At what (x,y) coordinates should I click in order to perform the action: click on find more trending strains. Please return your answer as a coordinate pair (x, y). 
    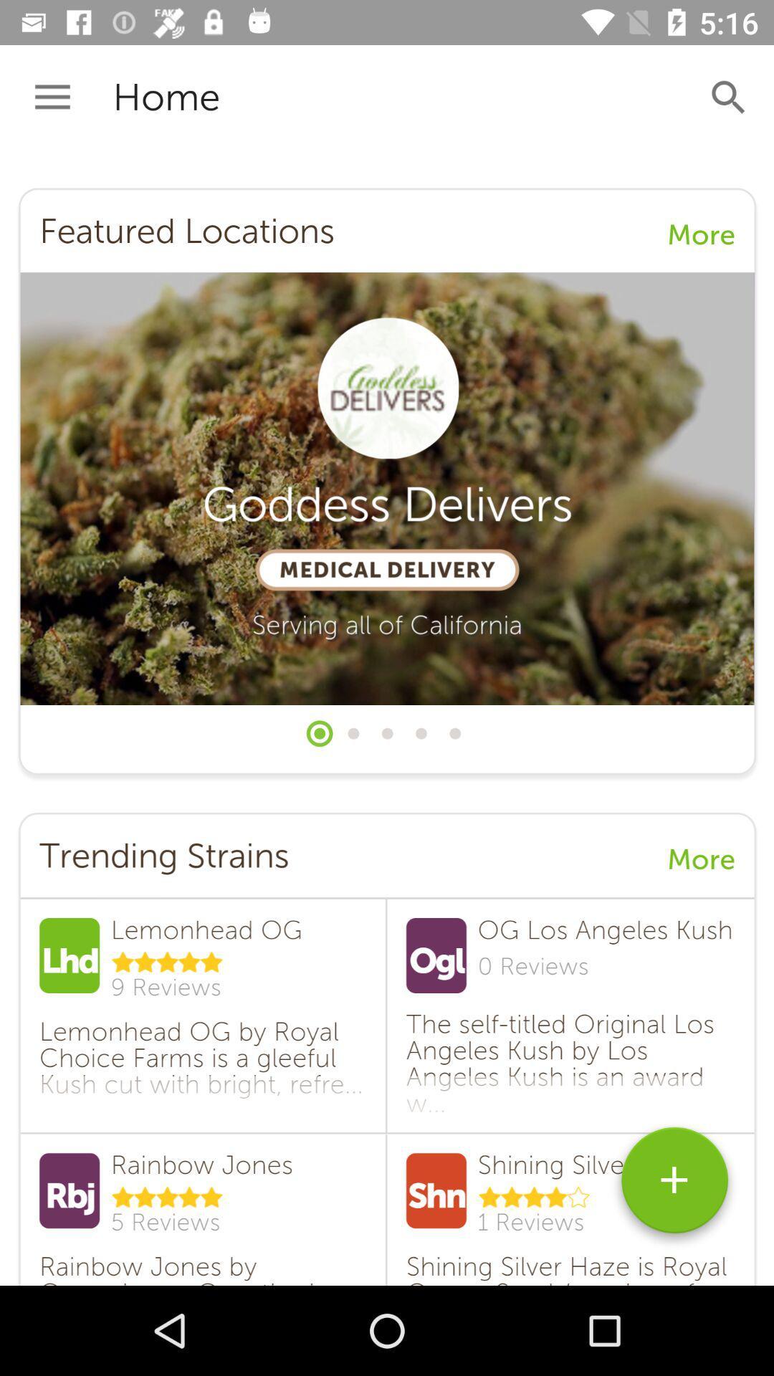
    Looking at the image, I should click on (674, 1185).